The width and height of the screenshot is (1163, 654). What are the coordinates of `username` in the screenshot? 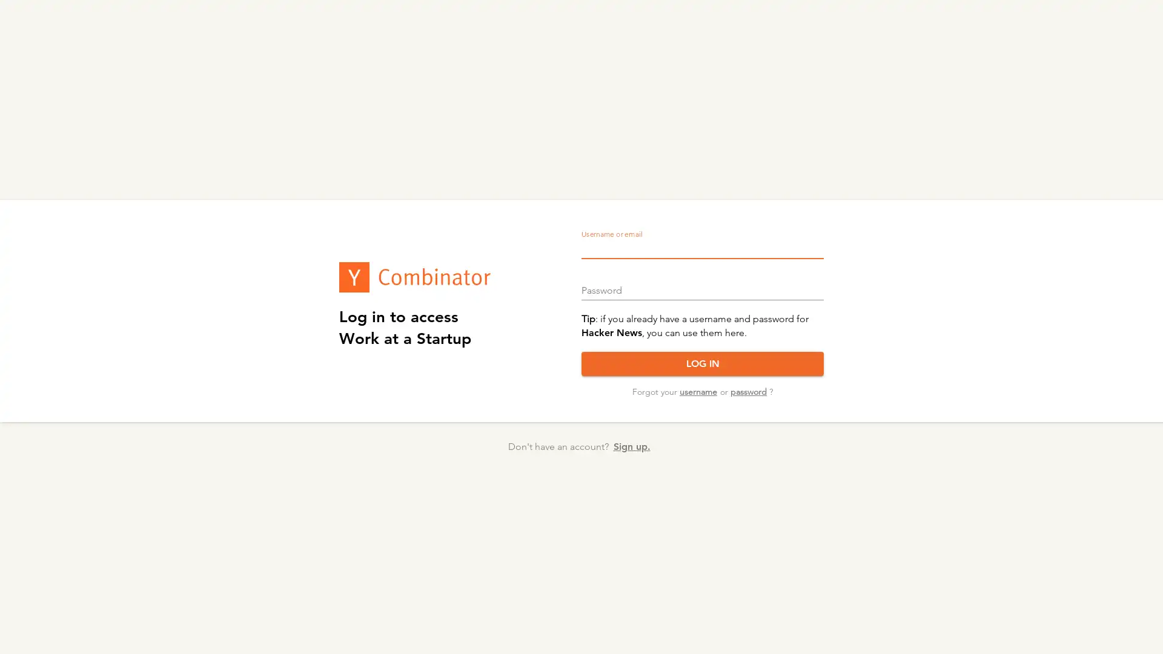 It's located at (698, 392).